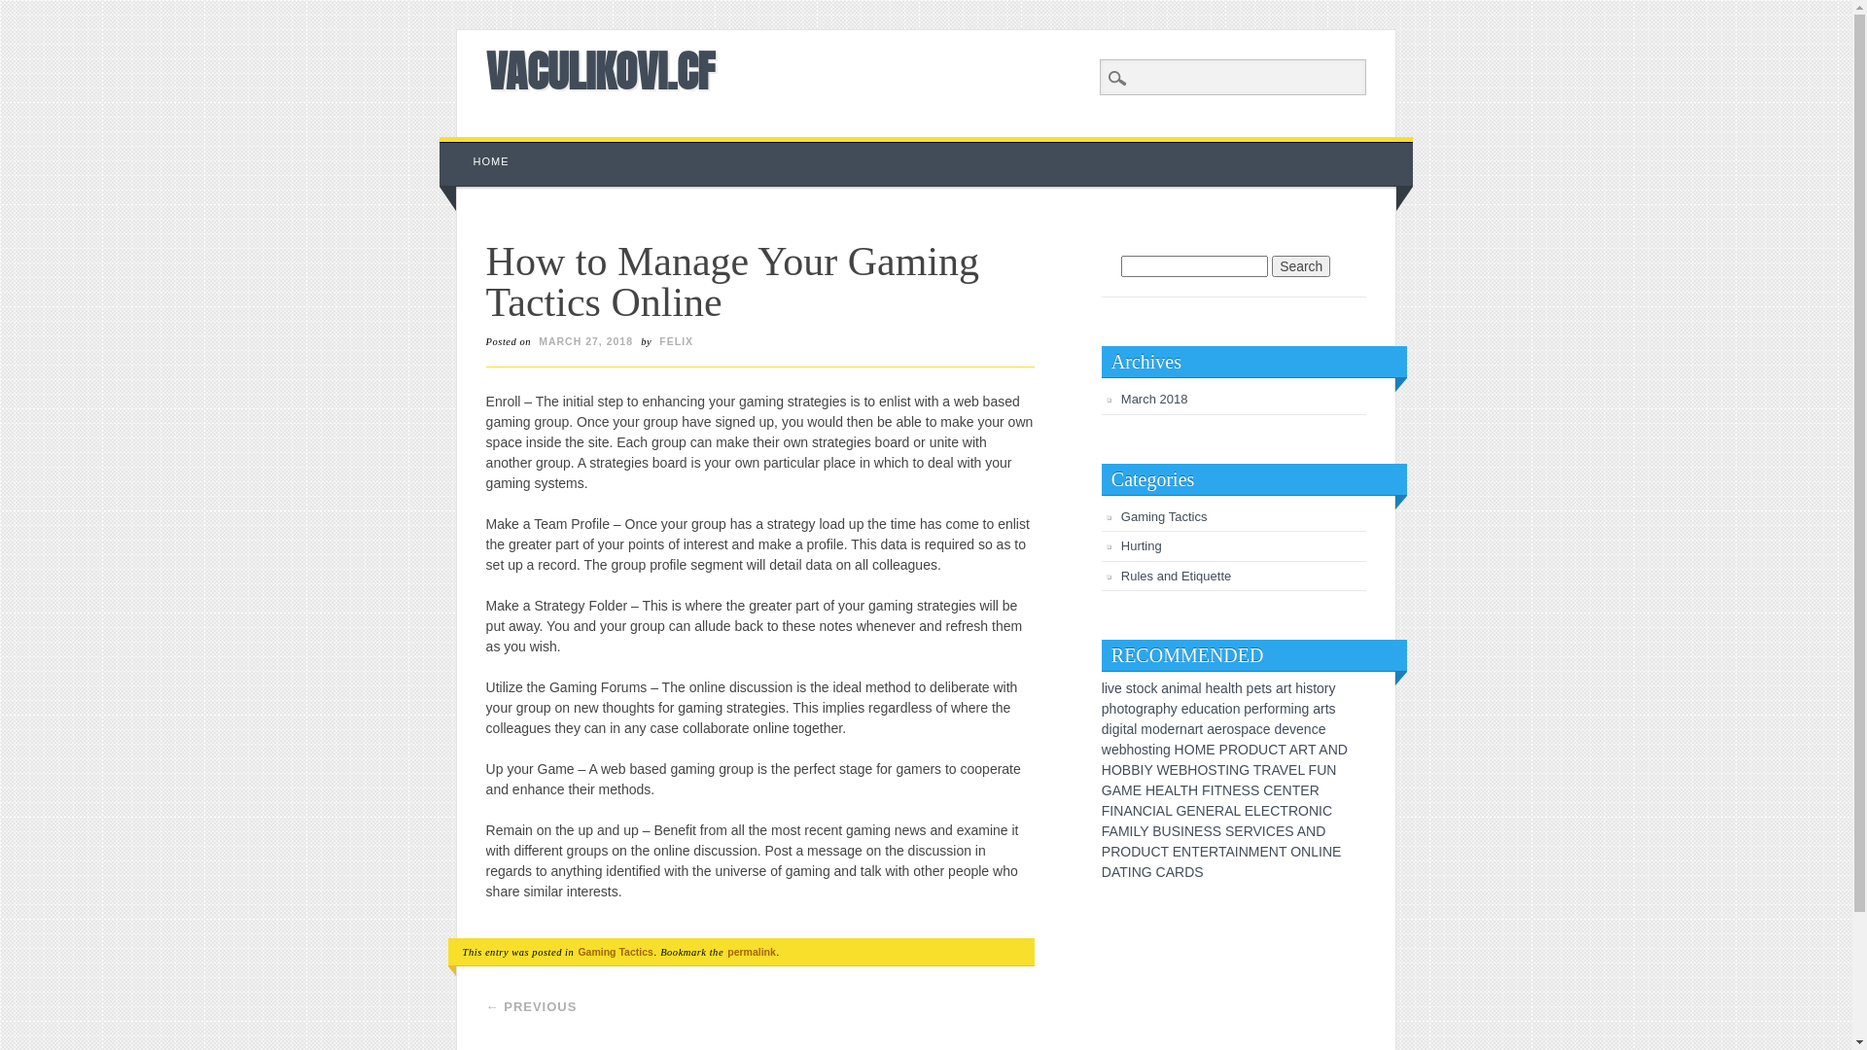 The image size is (1867, 1050). Describe the element at coordinates (1167, 749) in the screenshot. I see `'g'` at that location.